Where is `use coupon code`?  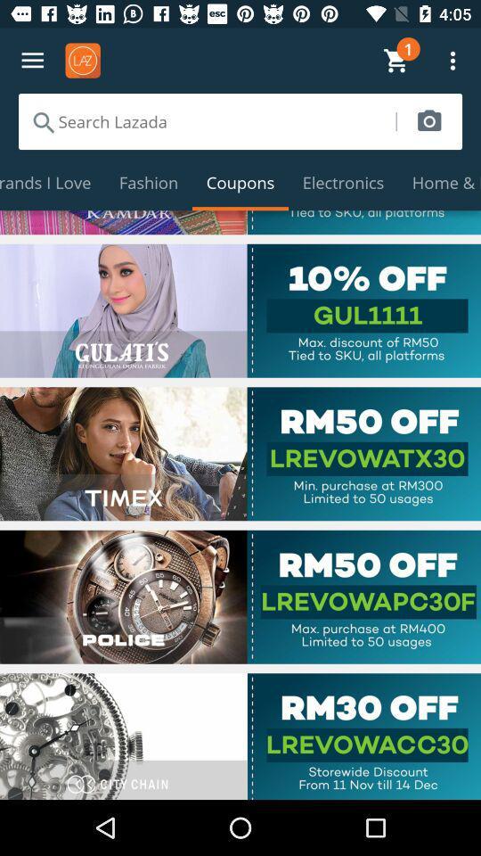 use coupon code is located at coordinates (240, 453).